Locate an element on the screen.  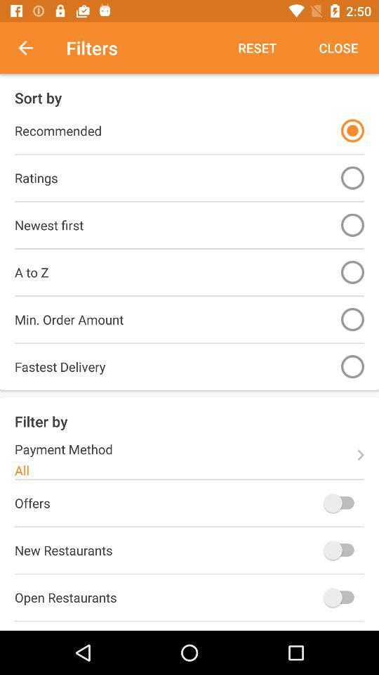
return to previous page is located at coordinates (33, 48).